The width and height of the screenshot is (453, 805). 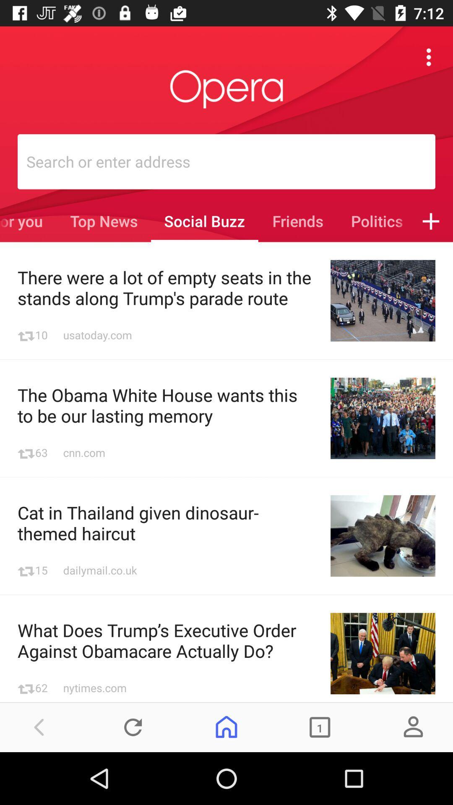 I want to click on the item to the right of politics icon, so click(x=431, y=221).